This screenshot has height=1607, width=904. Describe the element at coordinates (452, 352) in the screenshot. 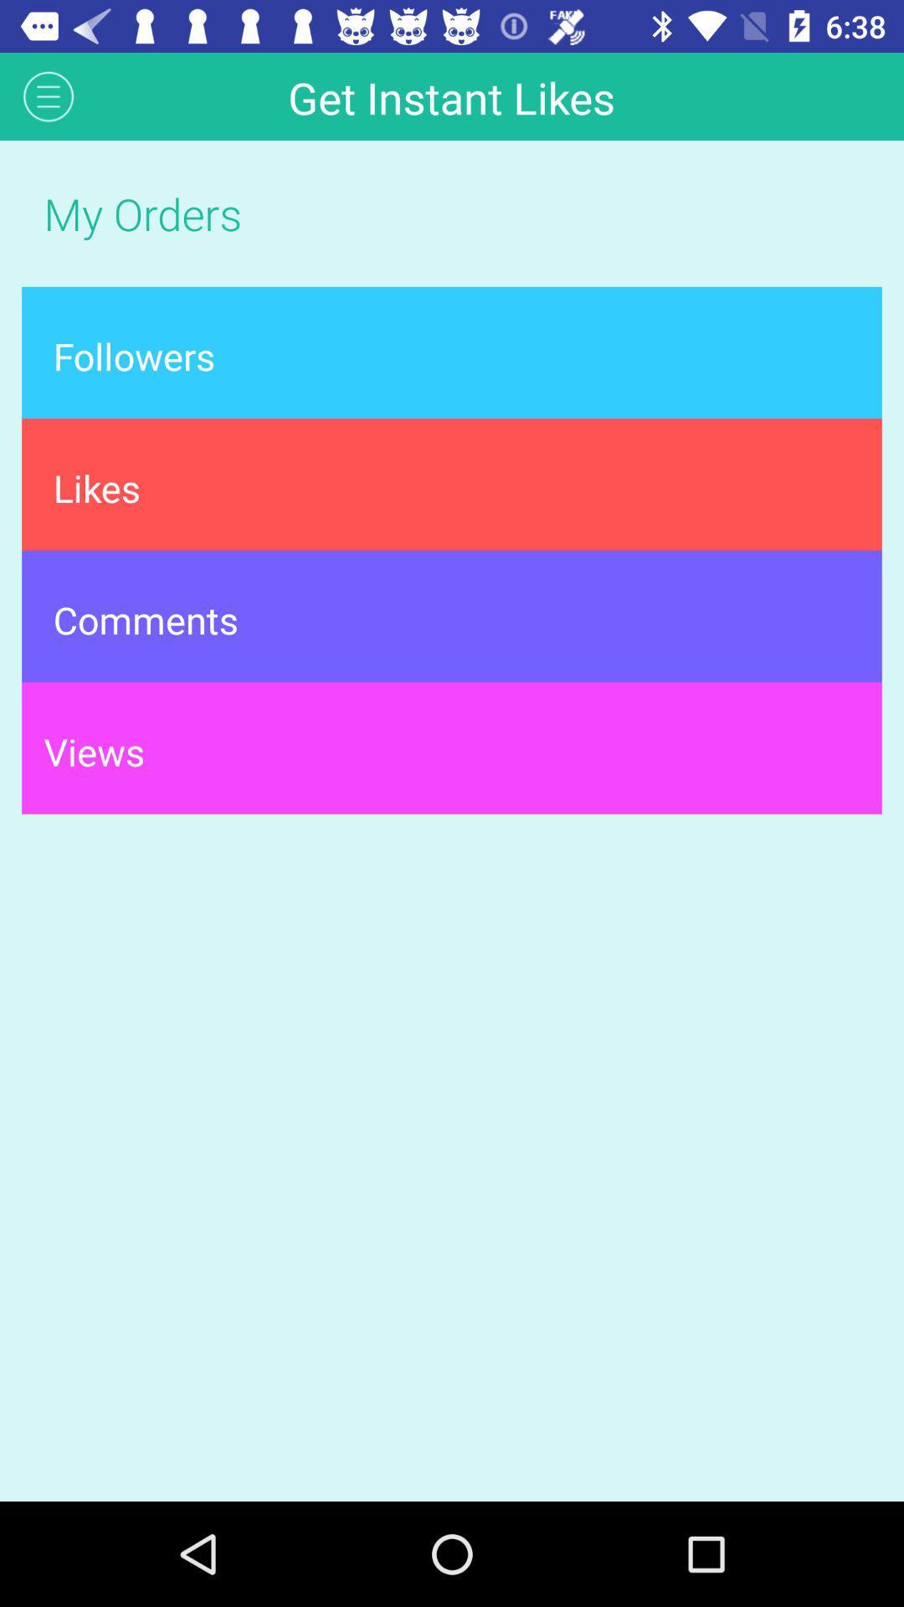

I see `the app above  likes item` at that location.